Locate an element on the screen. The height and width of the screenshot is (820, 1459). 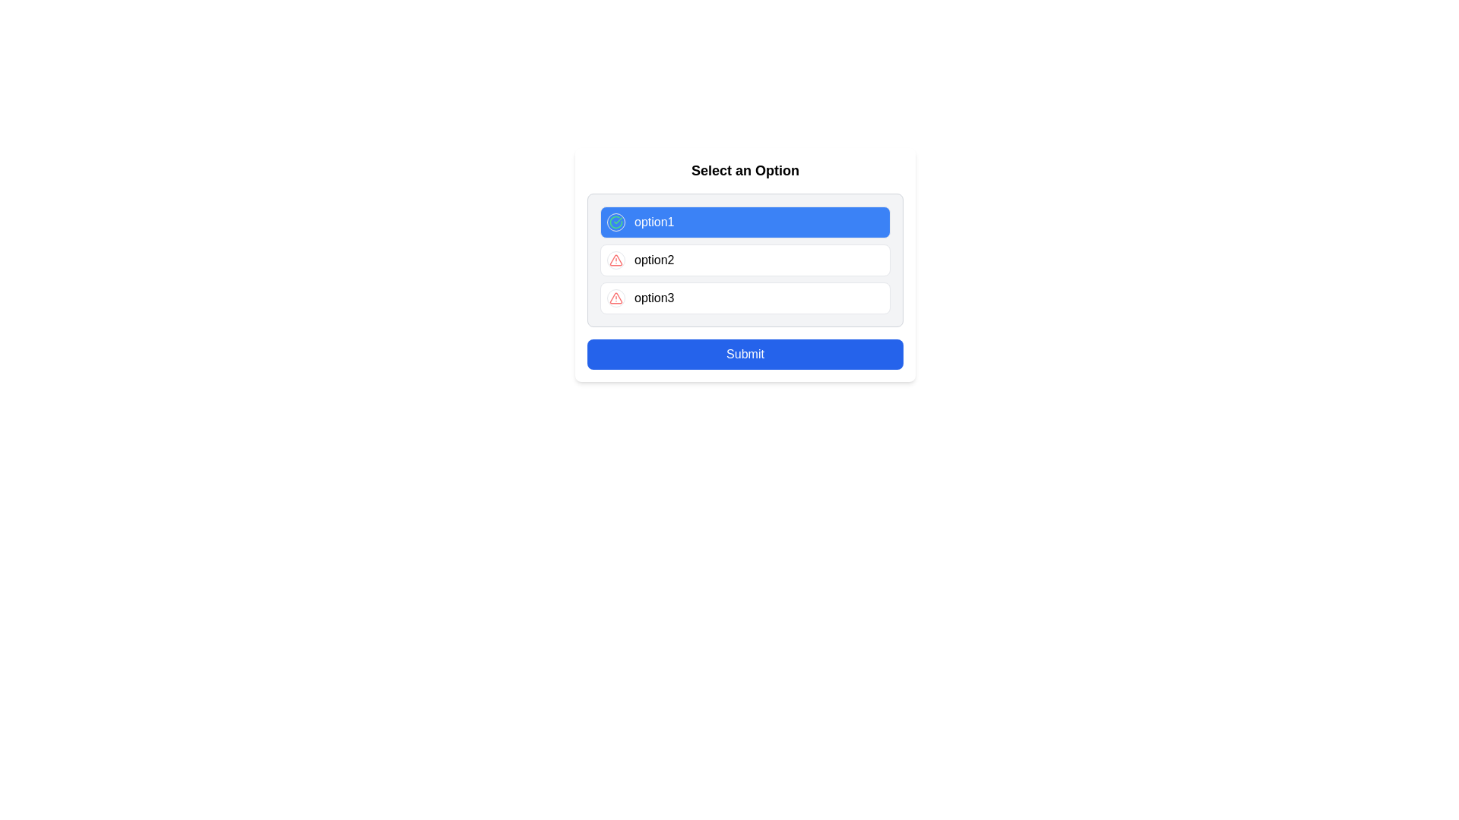
the text label displaying 'option1' which is aligned rightward to a circular icon within the topmost button of the interactive button group is located at coordinates (654, 222).